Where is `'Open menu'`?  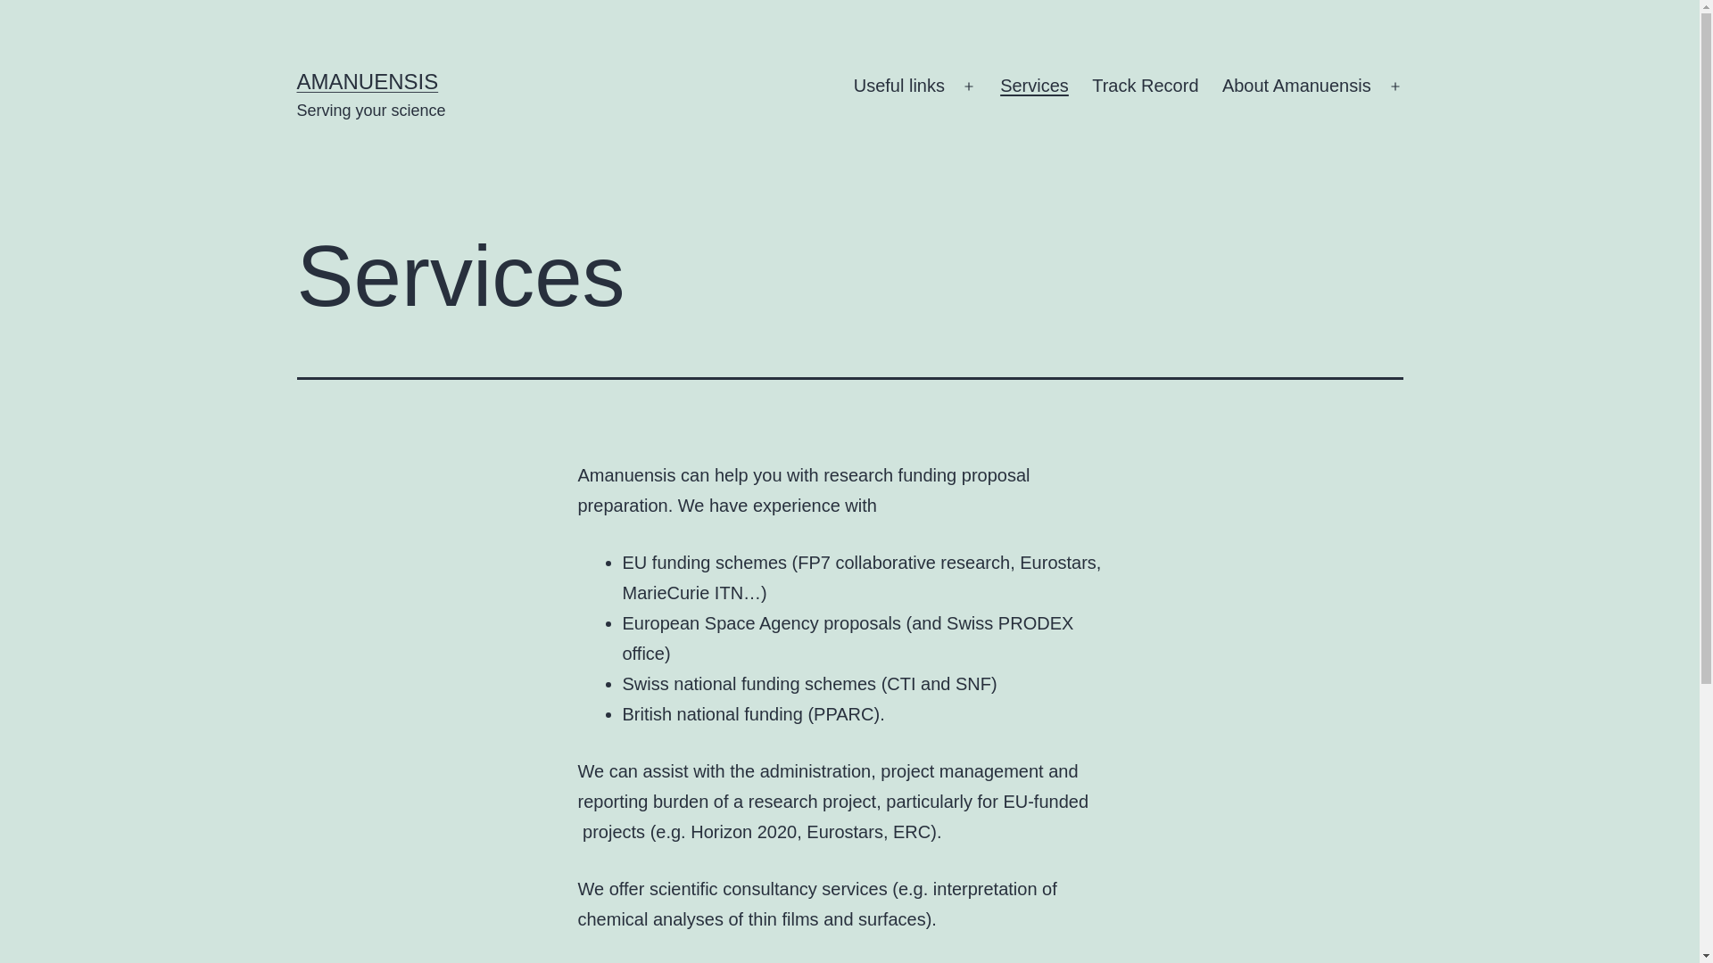 'Open menu' is located at coordinates (1394, 86).